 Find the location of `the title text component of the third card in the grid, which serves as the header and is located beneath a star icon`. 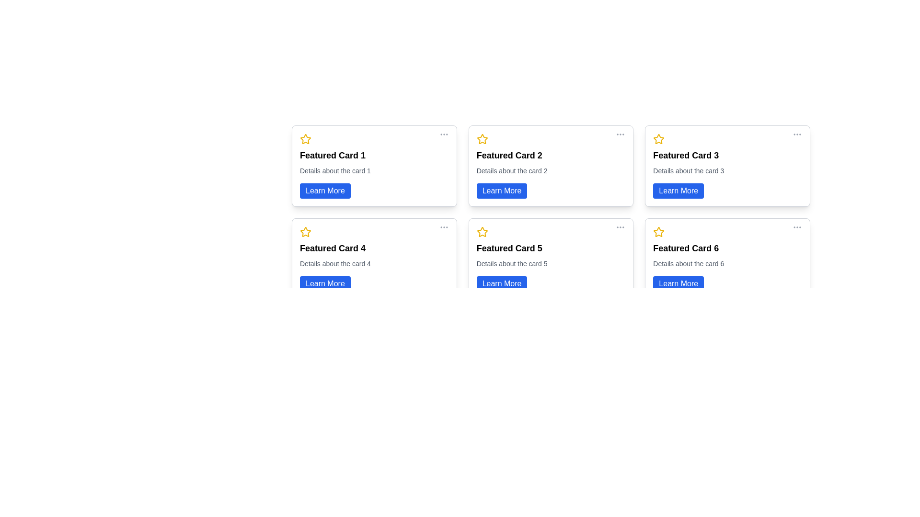

the title text component of the third card in the grid, which serves as the header and is located beneath a star icon is located at coordinates (685, 155).